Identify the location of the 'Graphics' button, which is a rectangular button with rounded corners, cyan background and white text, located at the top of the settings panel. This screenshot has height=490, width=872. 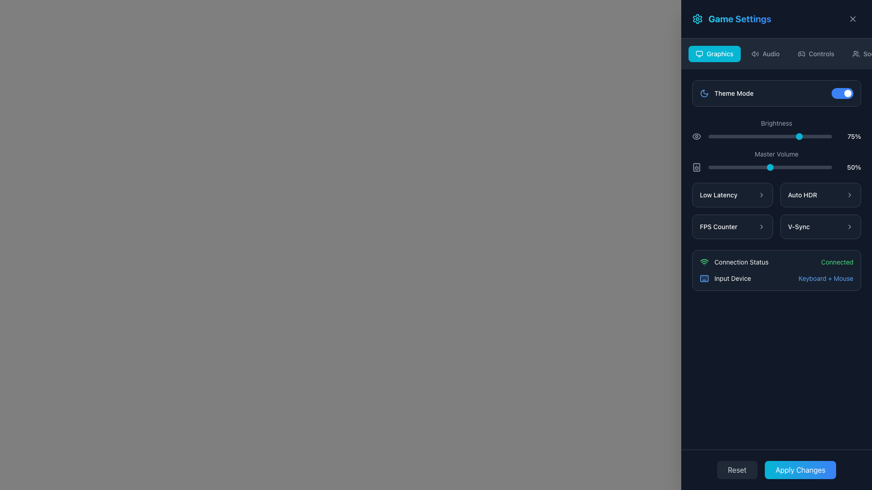
(714, 54).